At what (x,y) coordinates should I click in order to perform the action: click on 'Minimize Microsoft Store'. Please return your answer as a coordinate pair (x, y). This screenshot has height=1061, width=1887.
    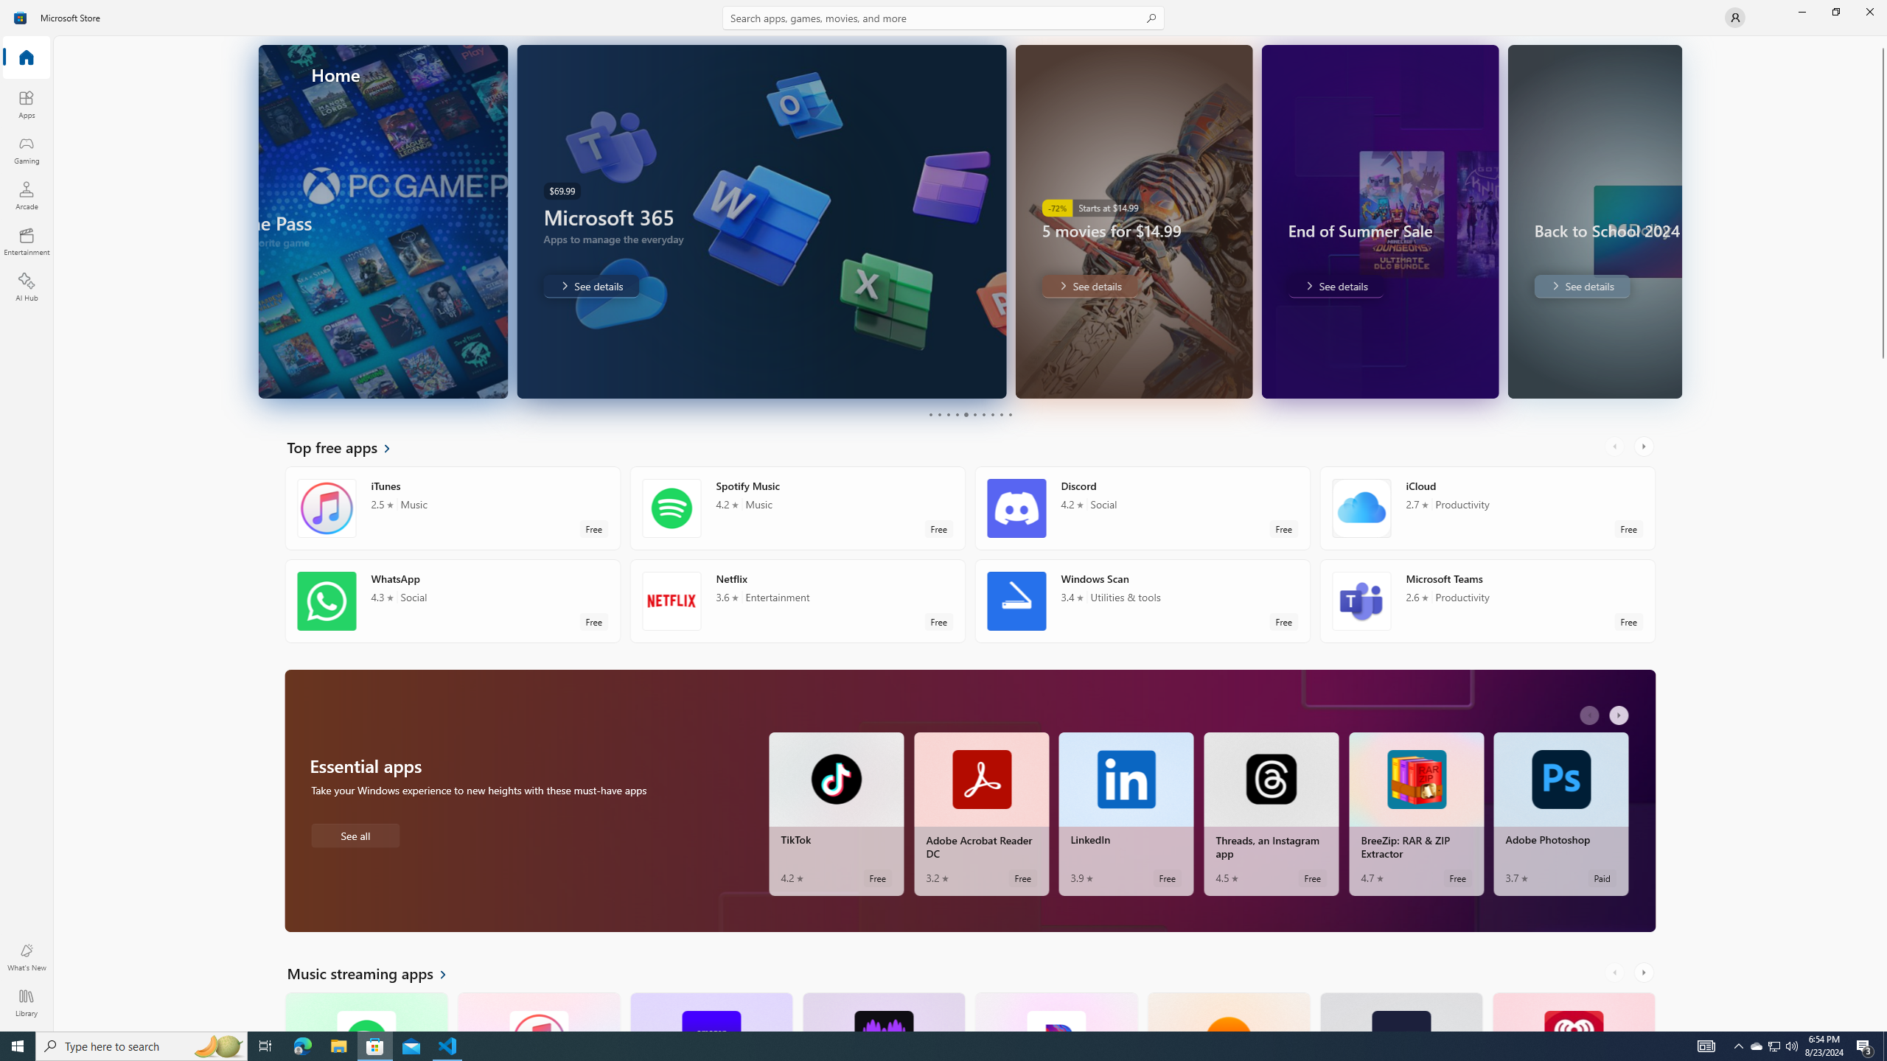
    Looking at the image, I should click on (1801, 11).